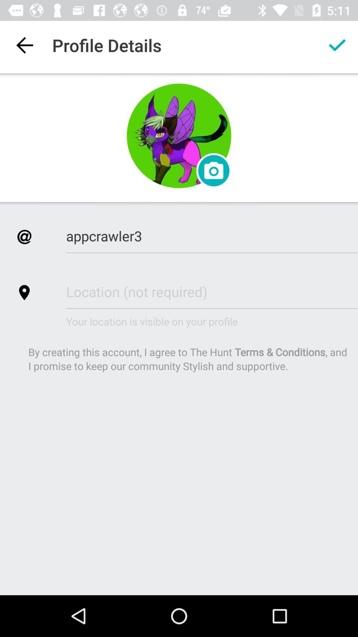  What do you see at coordinates (337, 45) in the screenshot?
I see `the item at the top right corner` at bounding box center [337, 45].